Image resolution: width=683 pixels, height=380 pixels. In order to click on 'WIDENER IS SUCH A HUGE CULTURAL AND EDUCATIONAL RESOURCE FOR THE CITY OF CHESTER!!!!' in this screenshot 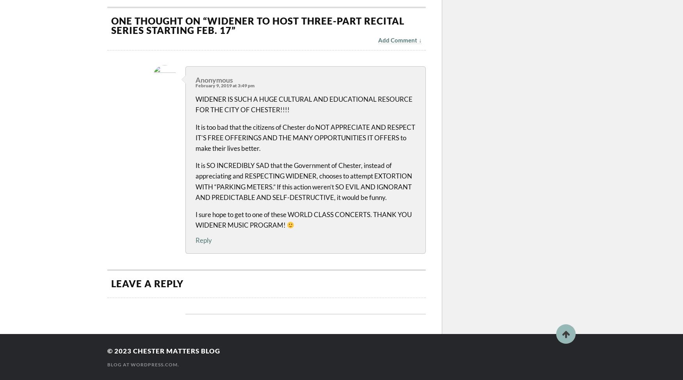, I will do `click(303, 104)`.